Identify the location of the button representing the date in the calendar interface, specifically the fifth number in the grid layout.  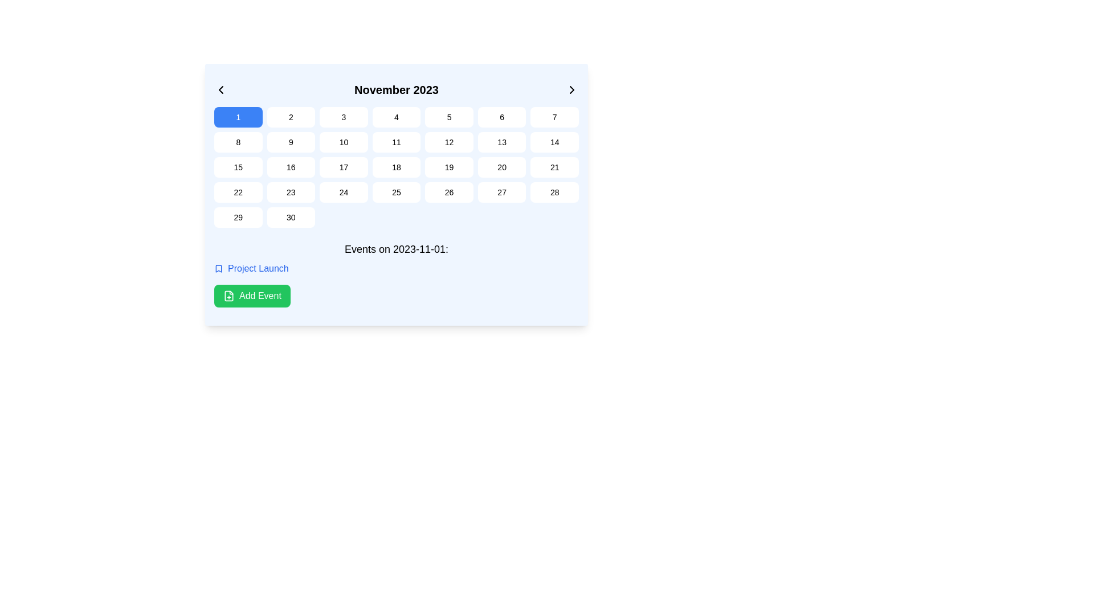
(448, 117).